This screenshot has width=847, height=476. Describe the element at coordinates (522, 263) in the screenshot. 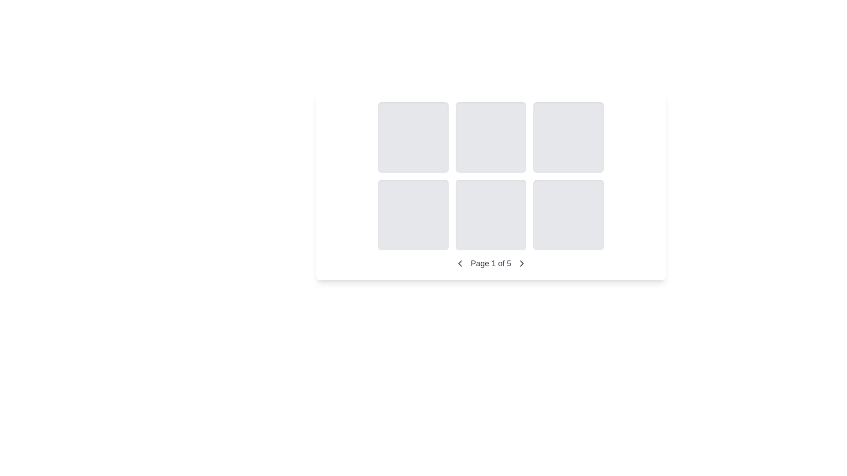

I see `the right-pointing chevron icon used for navigation` at that location.